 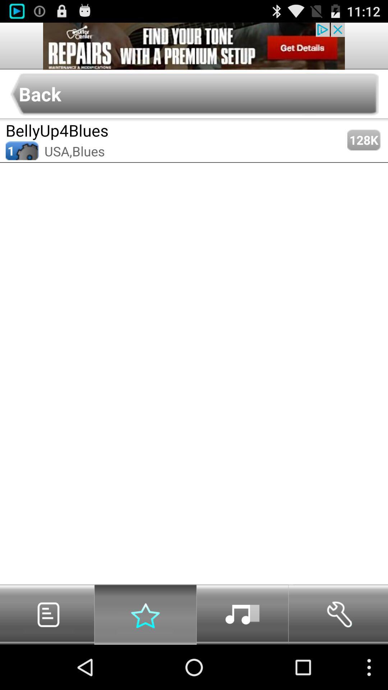 I want to click on click on advertisement, so click(x=194, y=46).